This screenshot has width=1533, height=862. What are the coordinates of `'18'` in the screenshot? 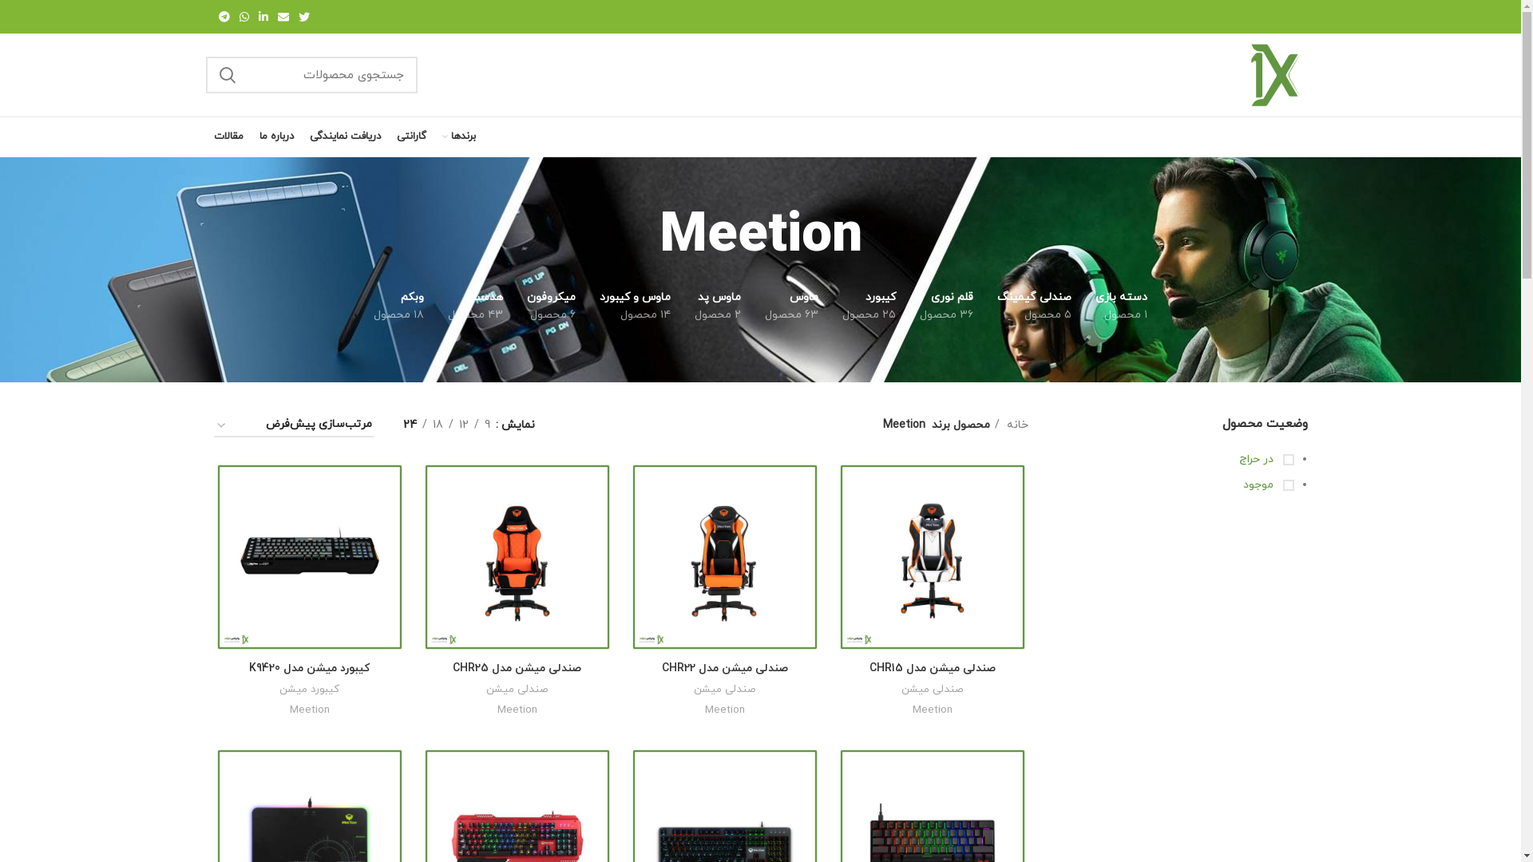 It's located at (437, 424).